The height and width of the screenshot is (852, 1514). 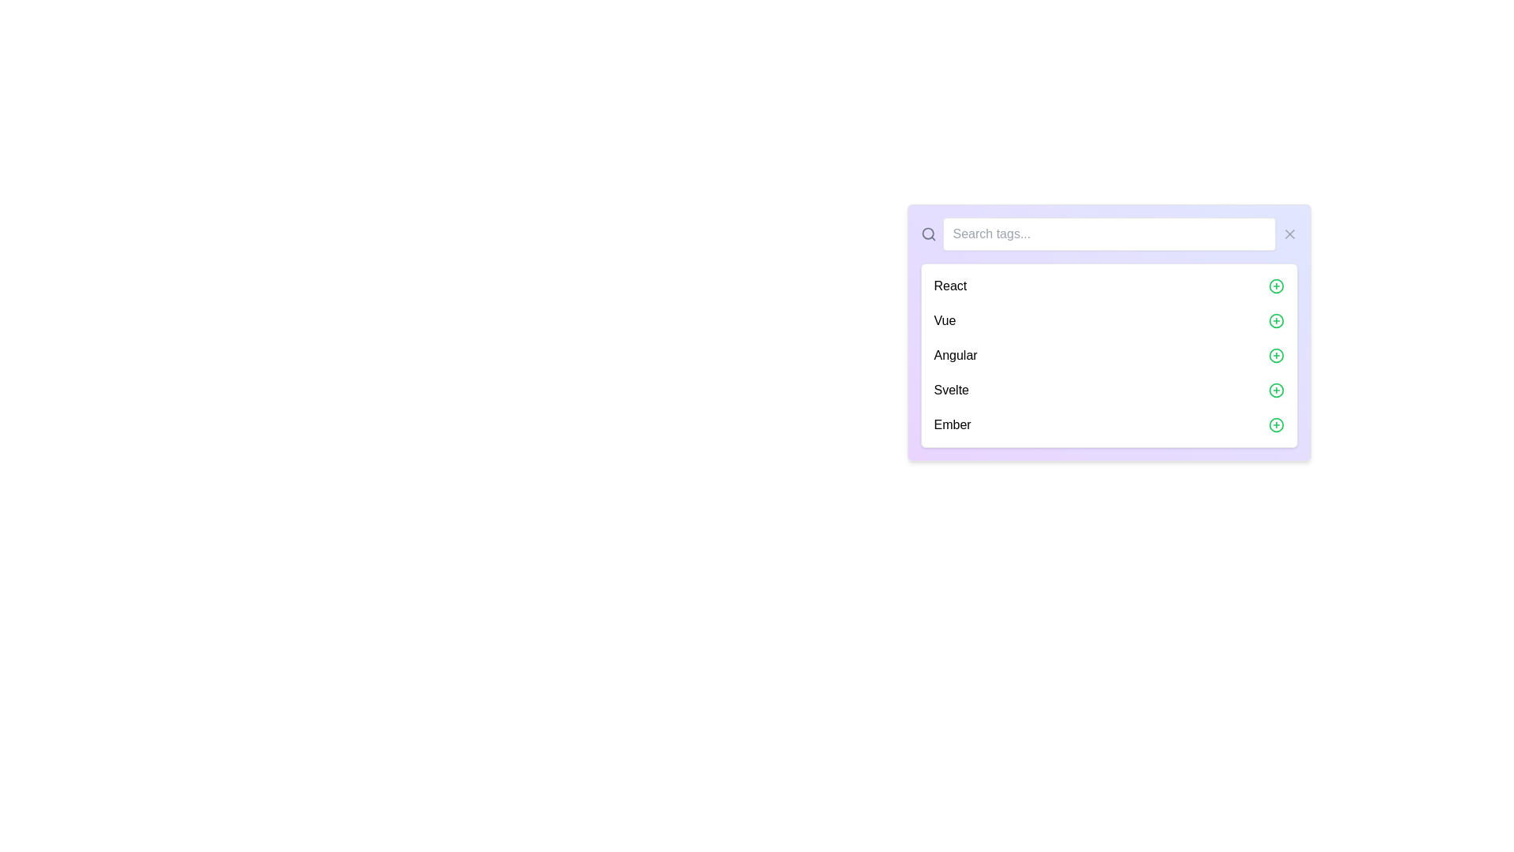 I want to click on the green circular icon button with a plus sign, located at the far right of the row containing the text 'Ember', so click(x=1276, y=424).